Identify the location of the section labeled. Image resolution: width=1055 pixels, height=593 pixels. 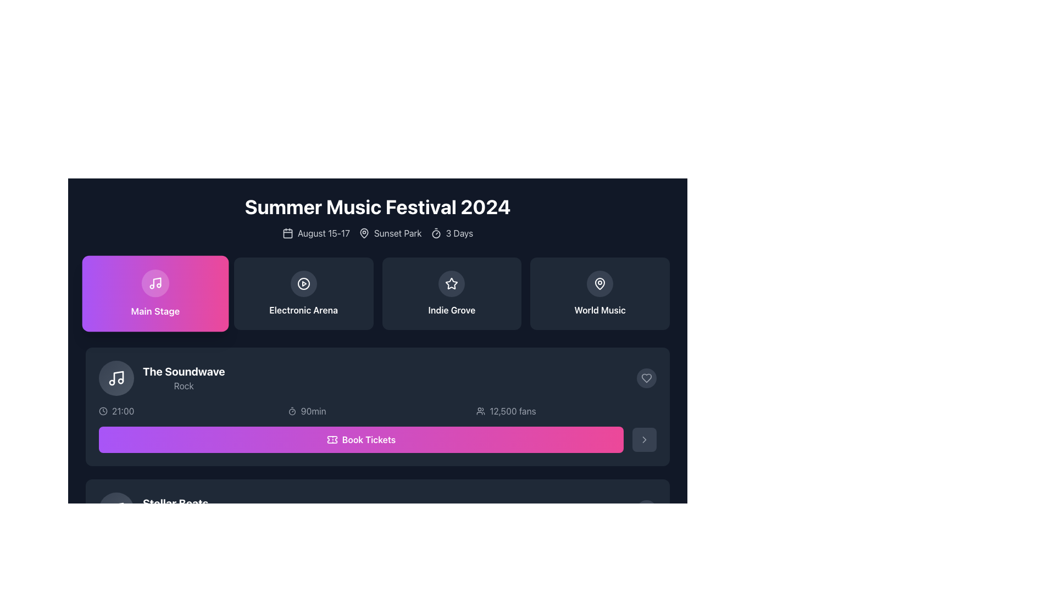
(154, 311).